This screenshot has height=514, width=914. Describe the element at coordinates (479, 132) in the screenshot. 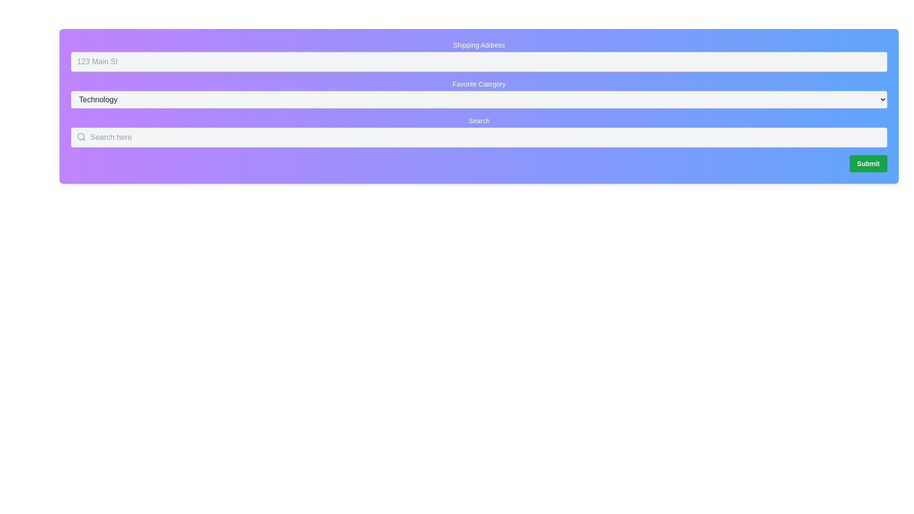

I see `the search input field located below the 'Favorite Category' dropdown and above the 'Submit' button` at that location.